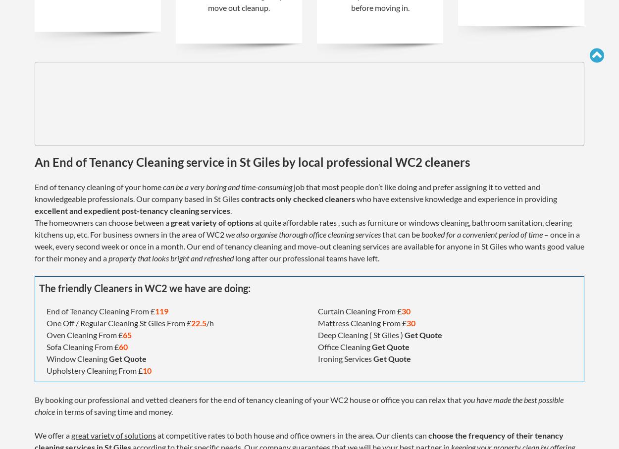 Image resolution: width=619 pixels, height=449 pixels. Describe the element at coordinates (113, 410) in the screenshot. I see `'in terms of saving time and money.'` at that location.